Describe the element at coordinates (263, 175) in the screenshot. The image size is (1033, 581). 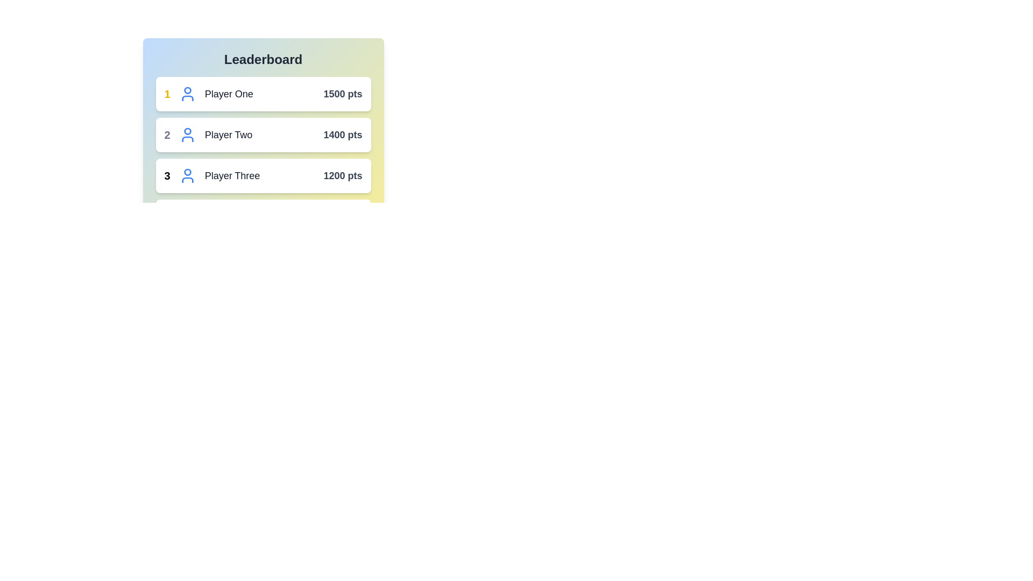
I see `the player entry for Player Three to view more details` at that location.